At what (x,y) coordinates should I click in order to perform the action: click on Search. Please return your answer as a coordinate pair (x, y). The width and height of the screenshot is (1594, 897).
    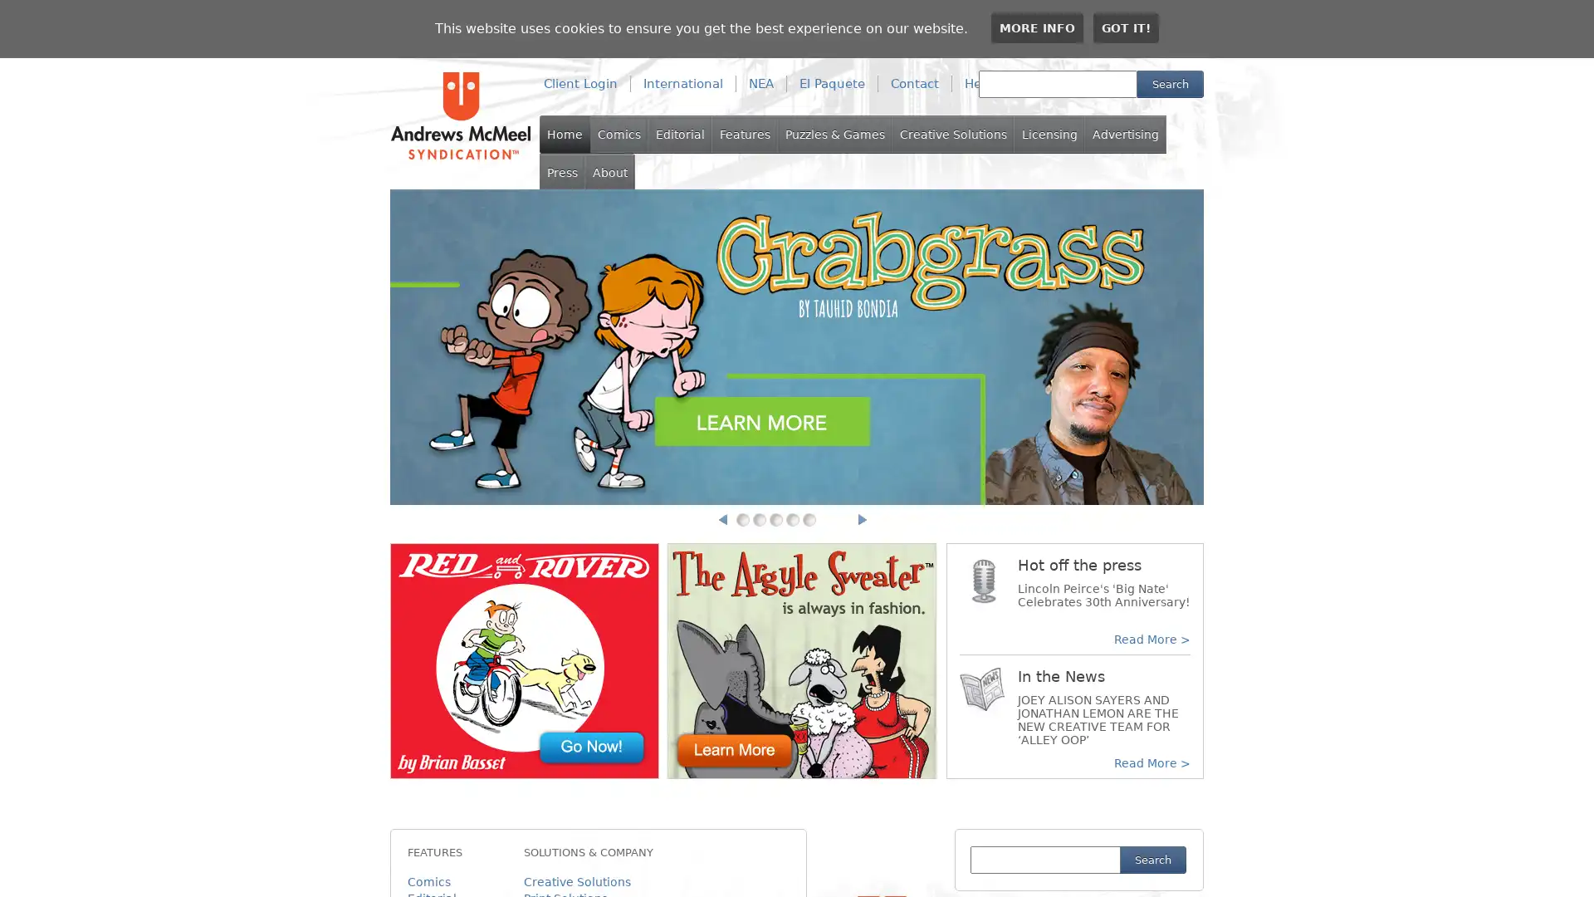
    Looking at the image, I should click on (1170, 84).